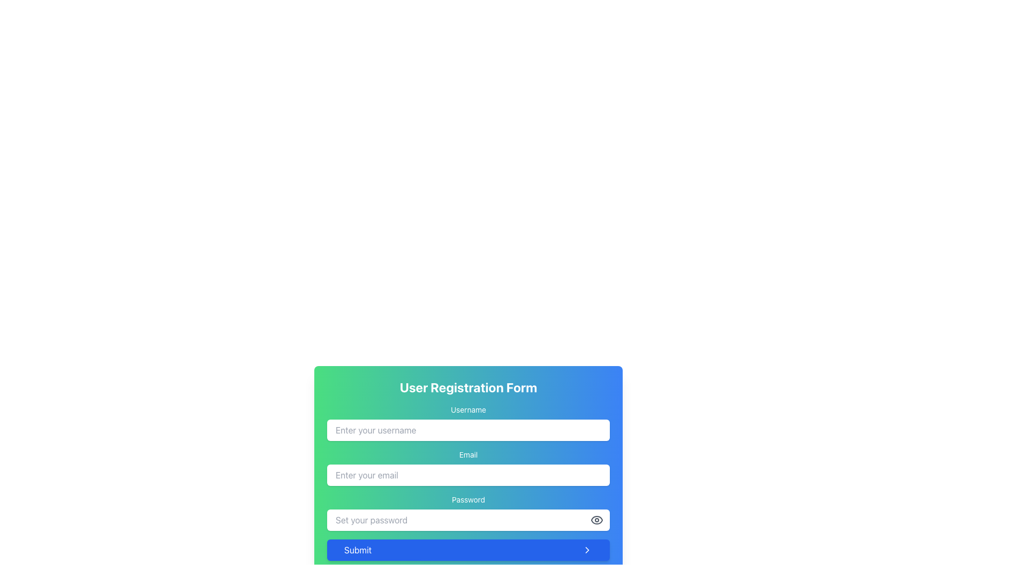 Image resolution: width=1028 pixels, height=578 pixels. Describe the element at coordinates (468, 499) in the screenshot. I see `the 'Password' label, which is styled with white text on a gradient background and is located above the password input field` at that location.